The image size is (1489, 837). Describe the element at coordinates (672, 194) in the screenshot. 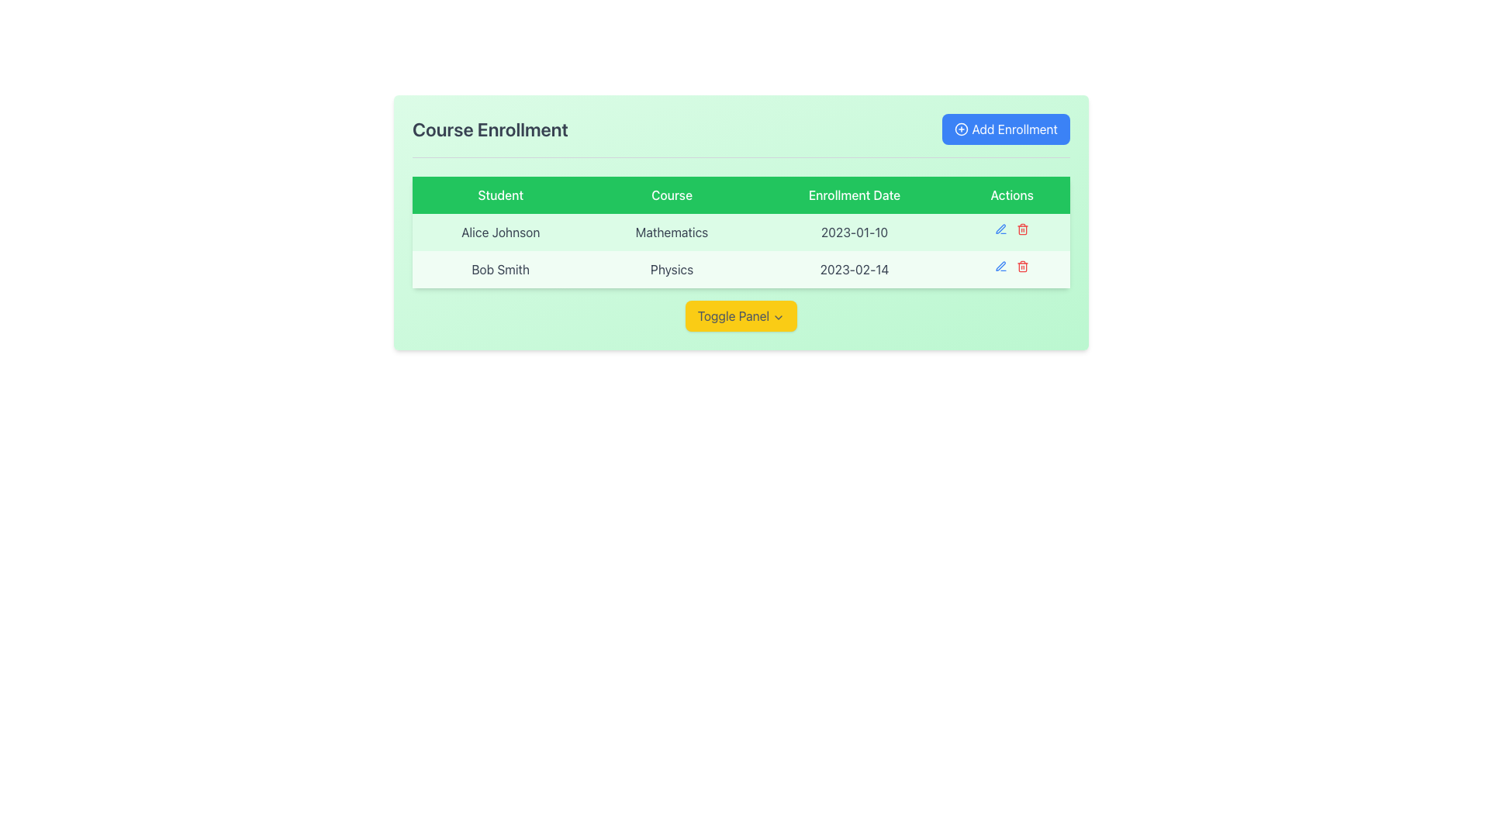

I see `the text label displaying 'Course' in the second column of the table header, which is styled with a bold and centered font on a green background` at that location.